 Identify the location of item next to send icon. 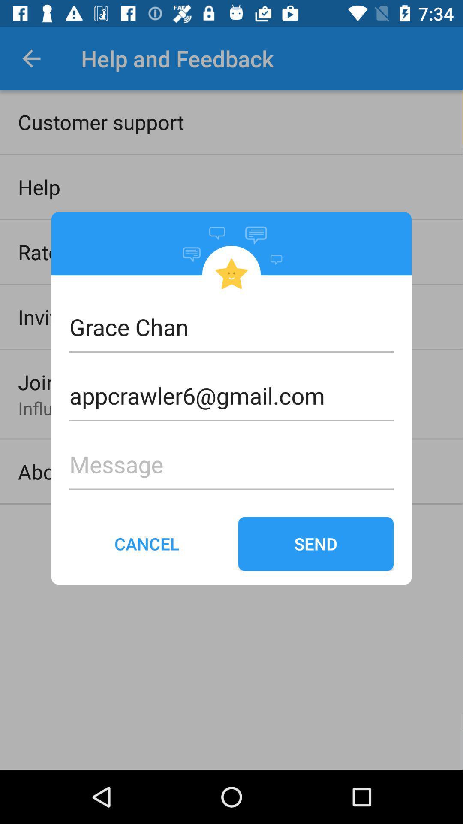
(147, 543).